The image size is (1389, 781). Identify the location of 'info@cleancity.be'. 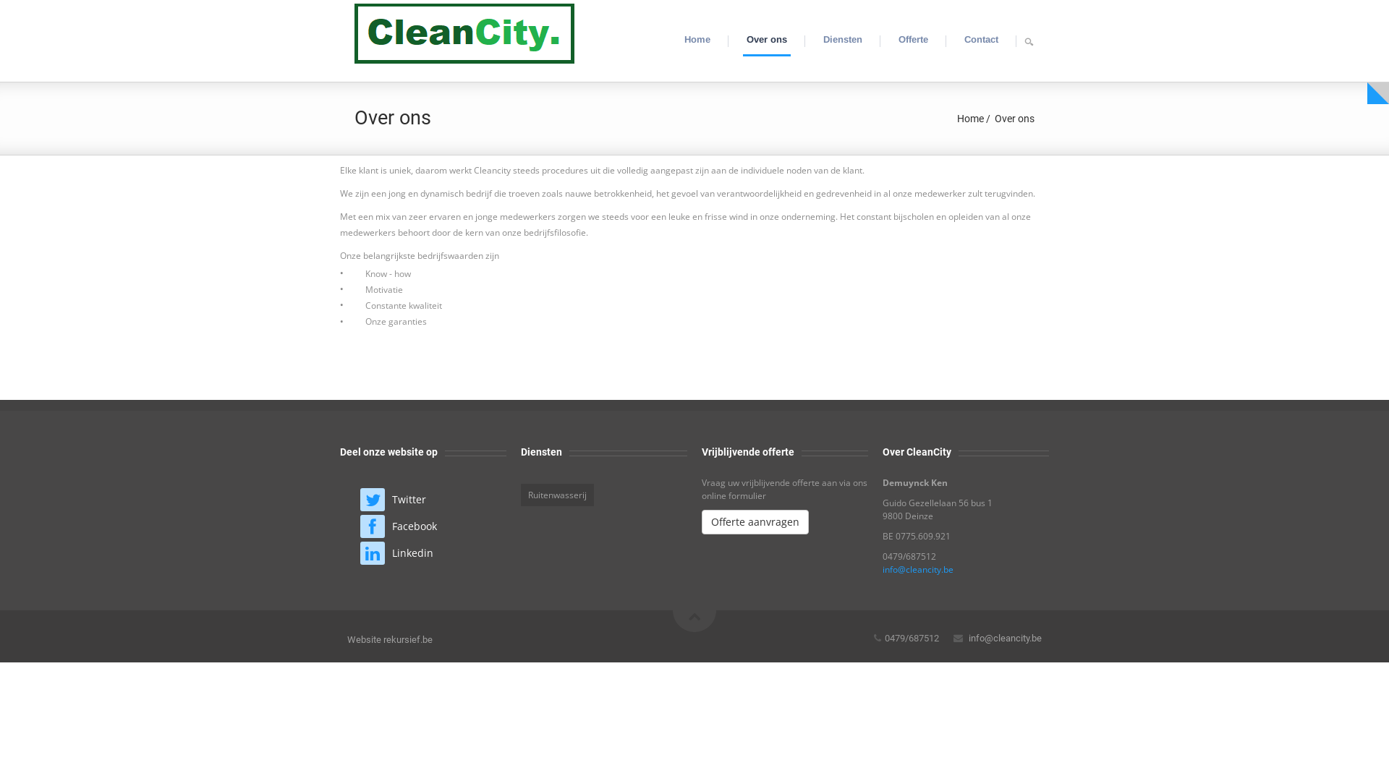
(1004, 637).